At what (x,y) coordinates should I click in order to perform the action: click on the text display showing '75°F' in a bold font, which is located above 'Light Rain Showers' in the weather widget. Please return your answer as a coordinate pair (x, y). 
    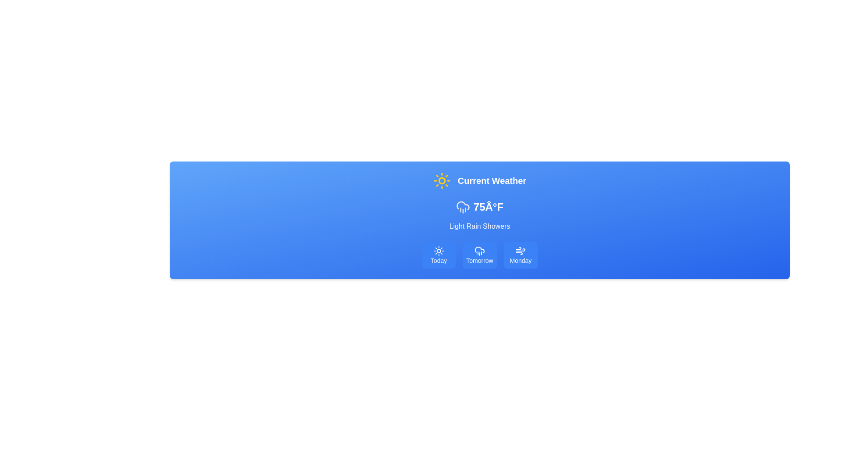
    Looking at the image, I should click on (479, 207).